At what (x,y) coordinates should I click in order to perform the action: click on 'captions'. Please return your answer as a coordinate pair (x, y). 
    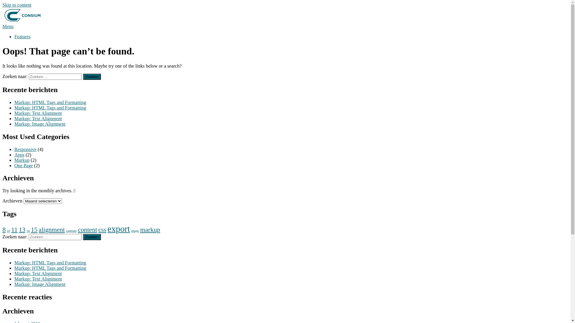
    Looking at the image, I should click on (71, 230).